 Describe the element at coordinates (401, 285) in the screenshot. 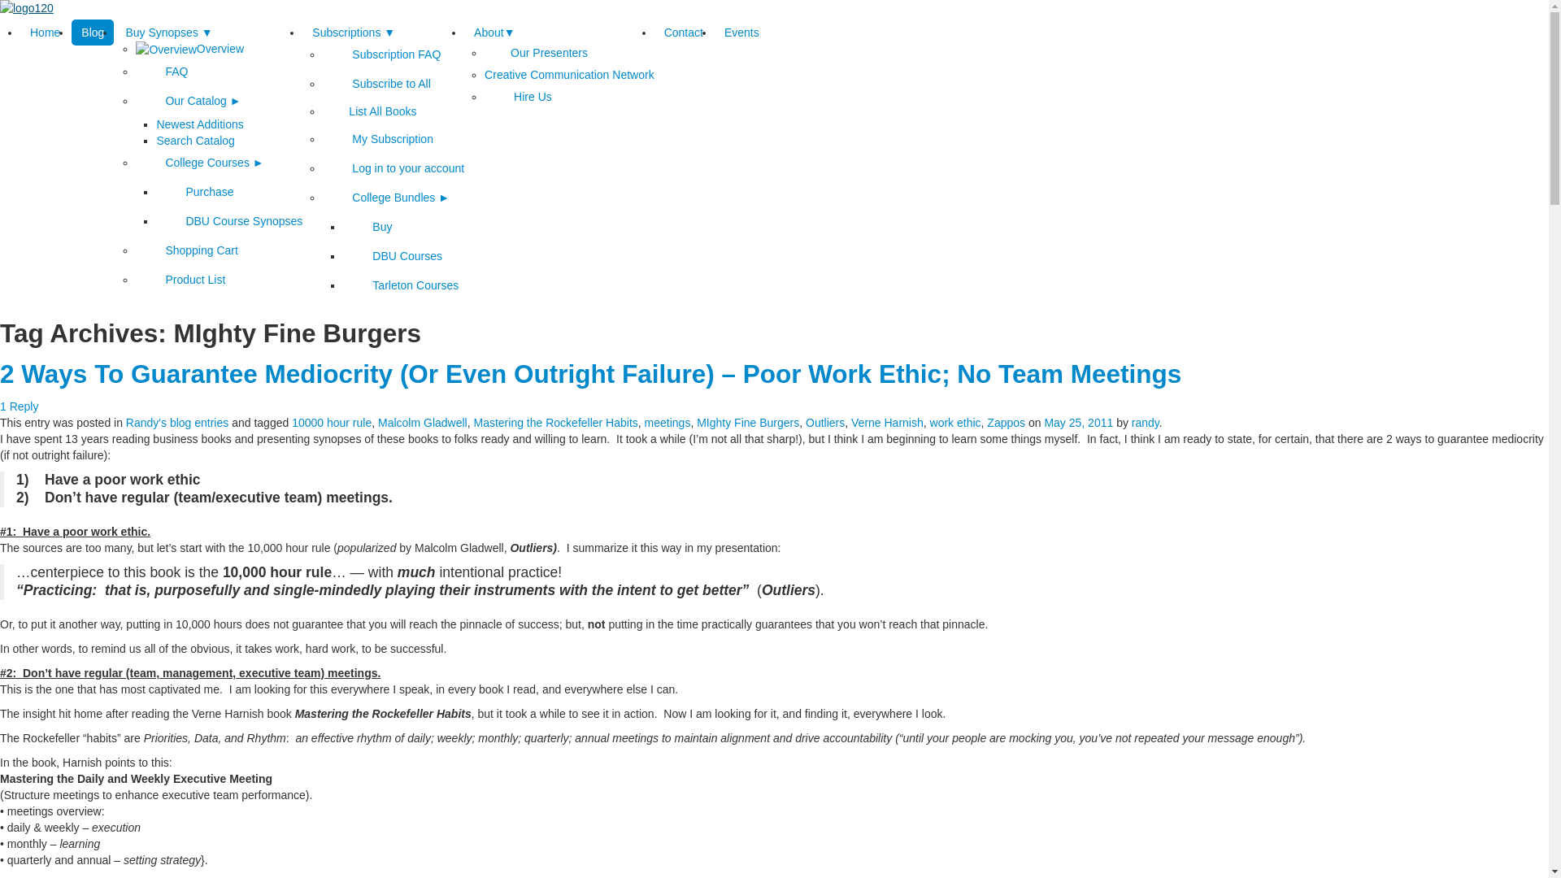

I see `'Tarleton Courses'` at that location.